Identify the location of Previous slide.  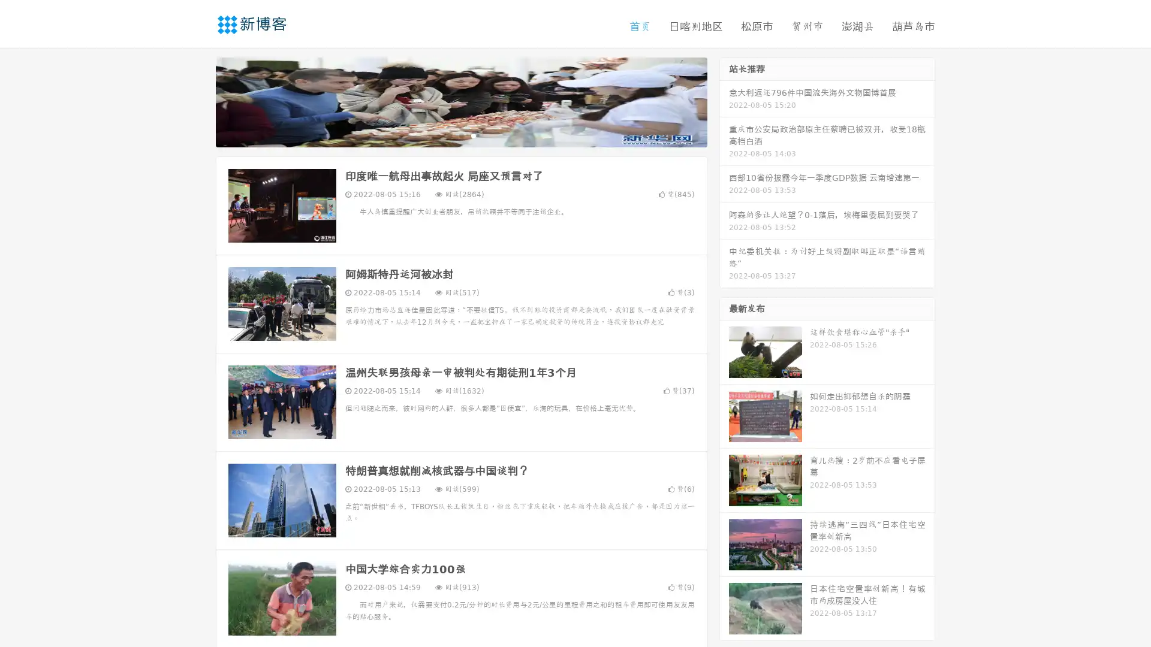
(198, 101).